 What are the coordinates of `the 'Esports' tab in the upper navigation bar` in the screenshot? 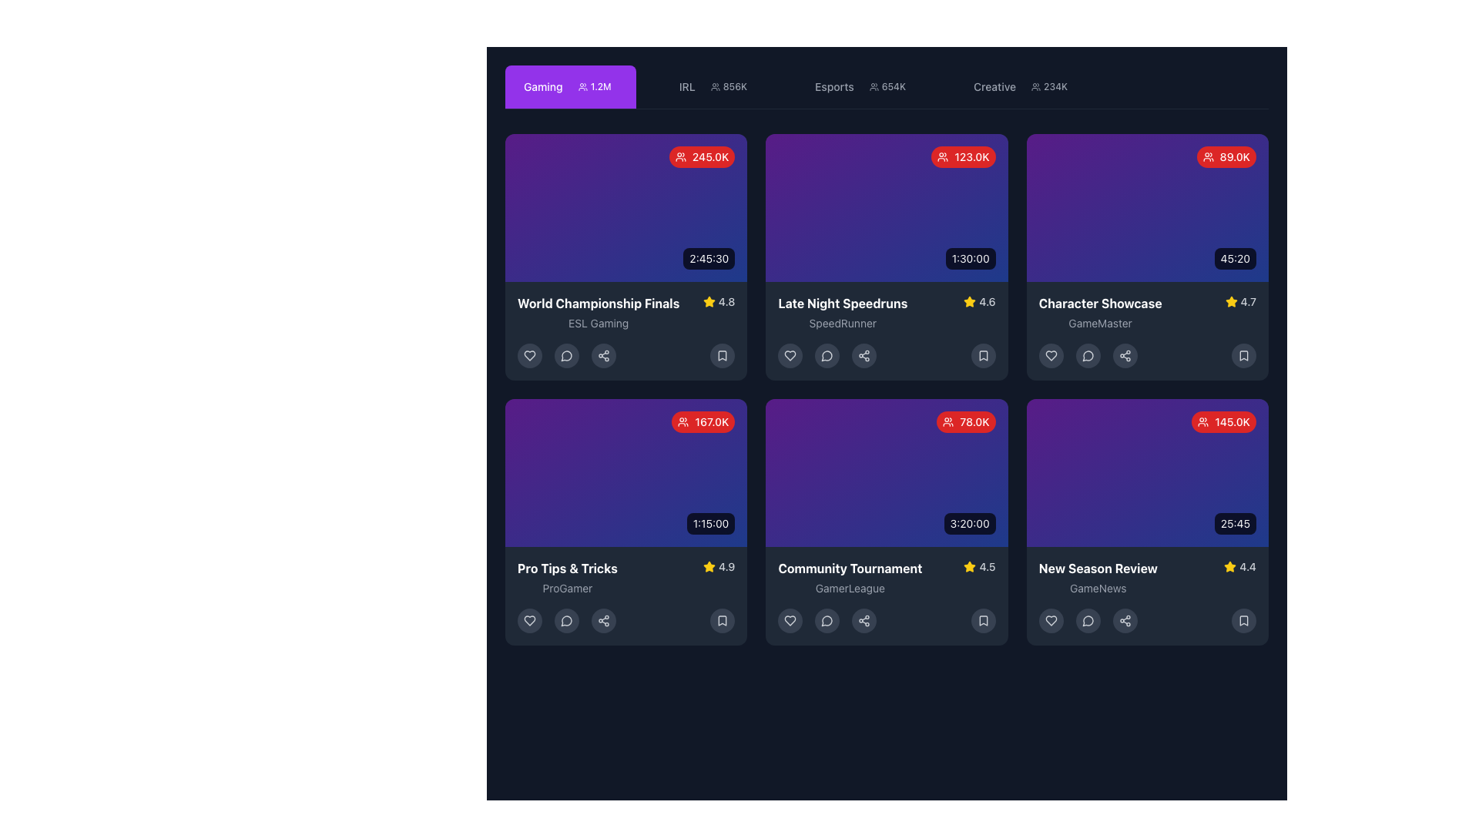 It's located at (864, 86).